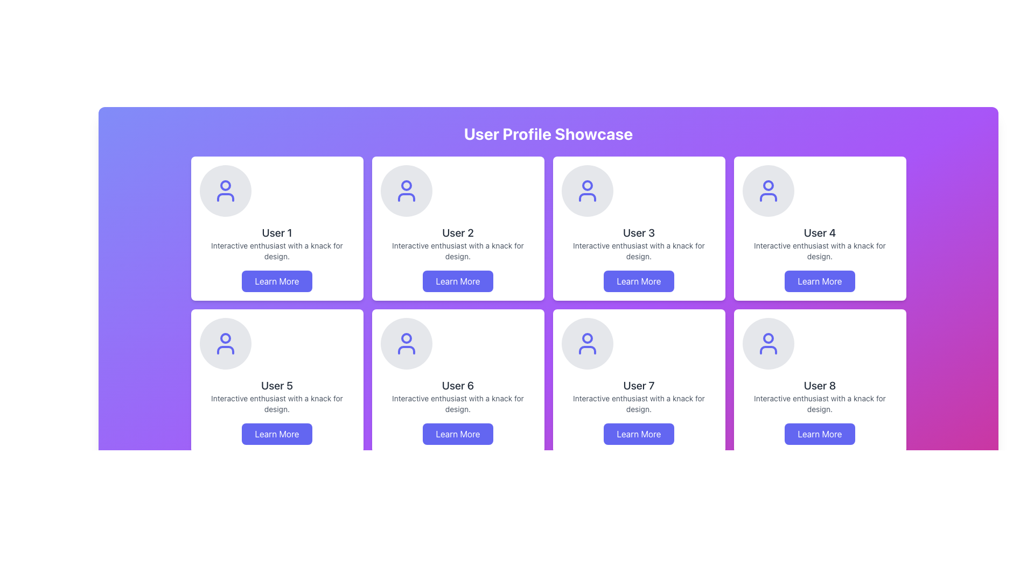  What do you see at coordinates (767, 190) in the screenshot?
I see `the profile icon displayed in indigo blue within a light gray circular background, located in the fourth card of the top row in the profile showcase grid` at bounding box center [767, 190].